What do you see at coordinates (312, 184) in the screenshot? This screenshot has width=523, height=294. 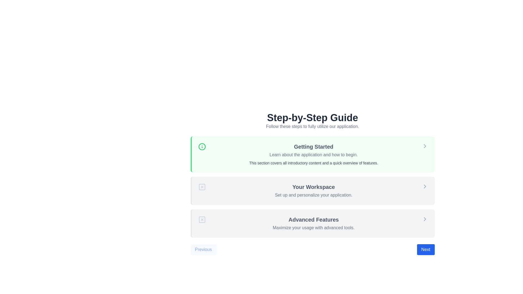 I see `the second section of the 'Step-by-Step Guide' titled 'Your Workspace'` at bounding box center [312, 184].